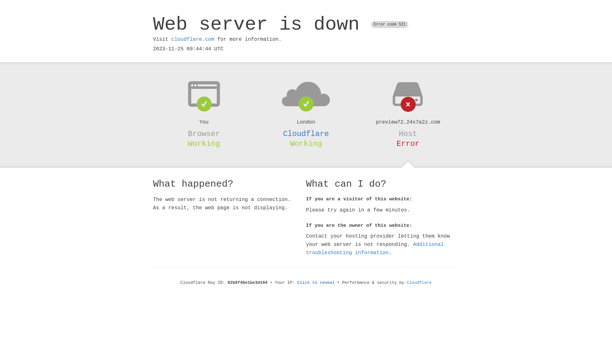  Describe the element at coordinates (192, 39) in the screenshot. I see `'cloudflare.com'` at that location.